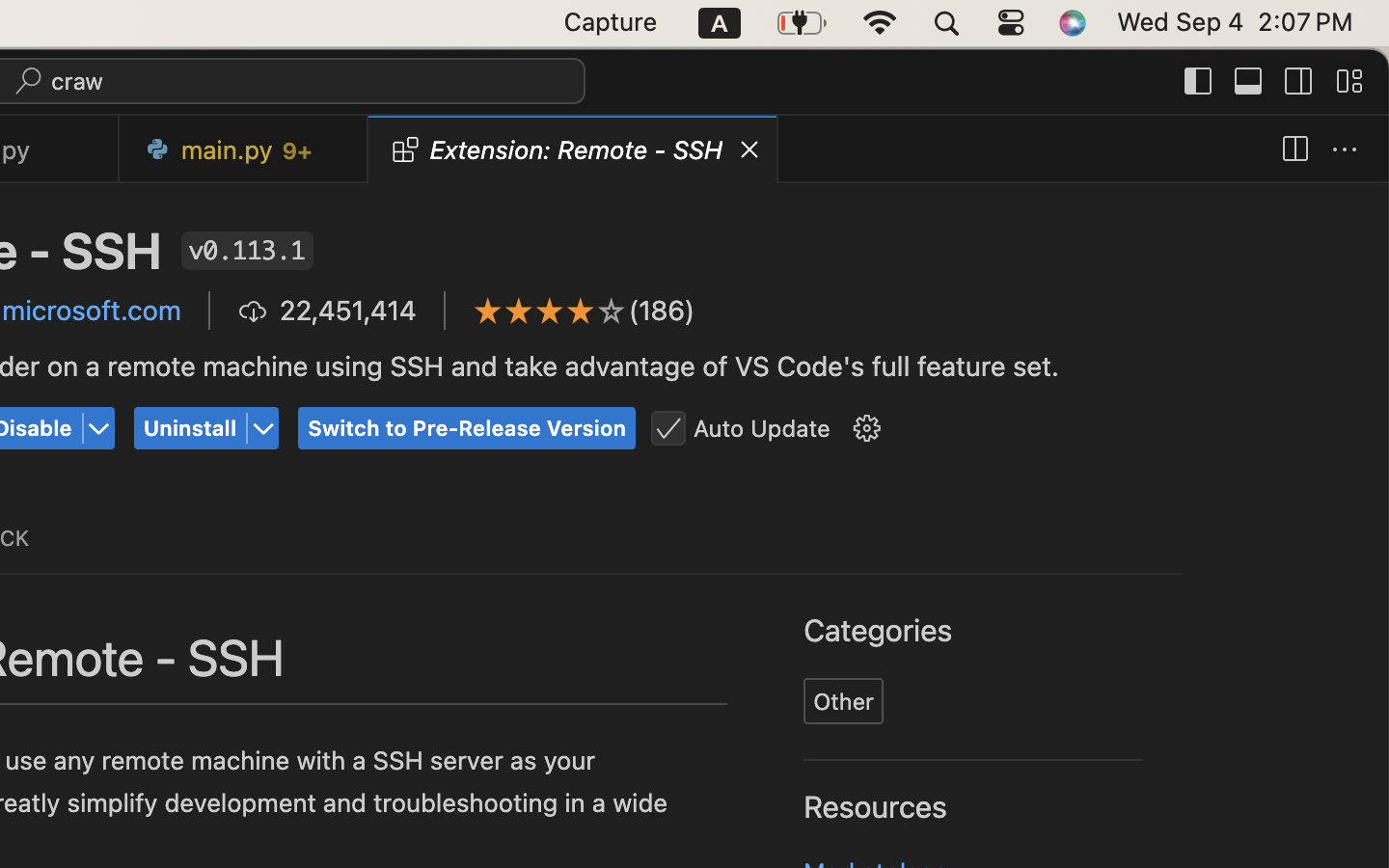  What do you see at coordinates (1293, 149) in the screenshot?
I see `''` at bounding box center [1293, 149].